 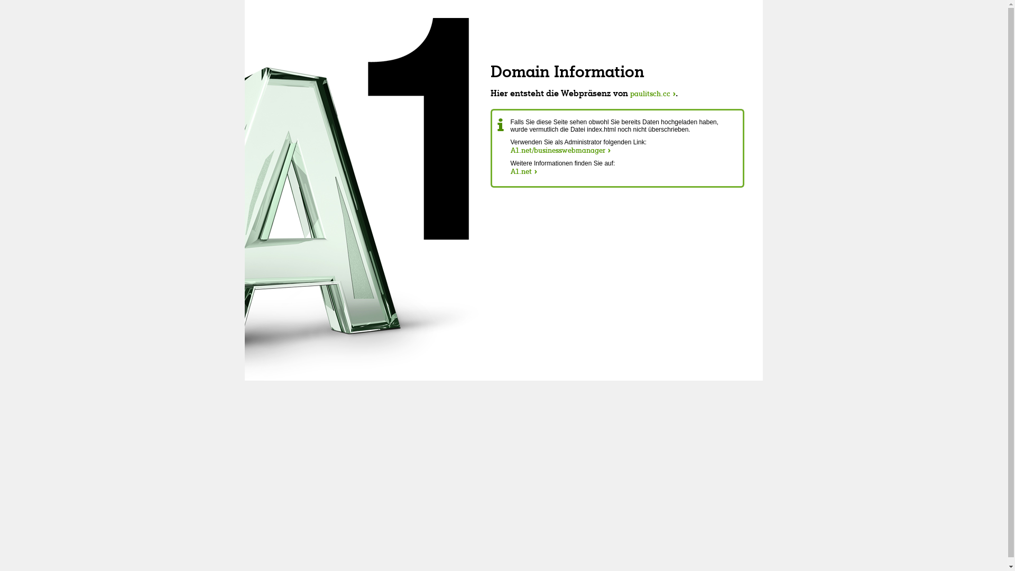 I want to click on 'A1.net/businesswebmanager', so click(x=560, y=150).